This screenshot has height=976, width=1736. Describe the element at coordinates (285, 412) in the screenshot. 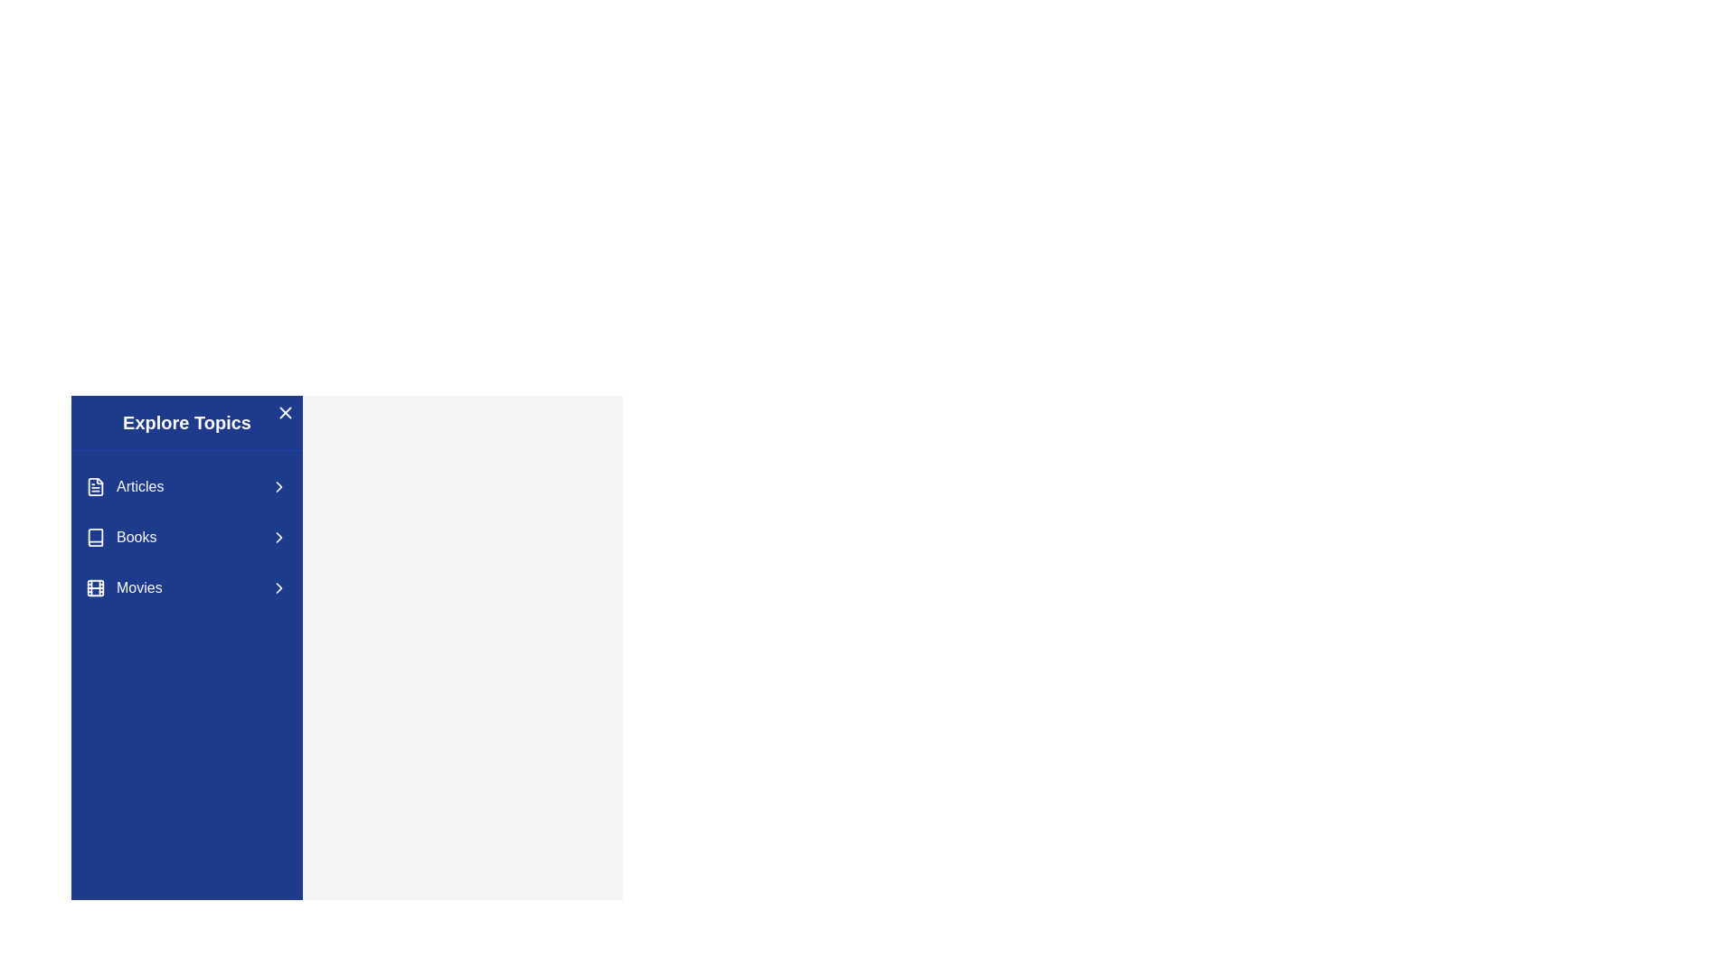

I see `the close or dismiss button located in the top right corner of the 'Explore Topics' sidebar` at that location.